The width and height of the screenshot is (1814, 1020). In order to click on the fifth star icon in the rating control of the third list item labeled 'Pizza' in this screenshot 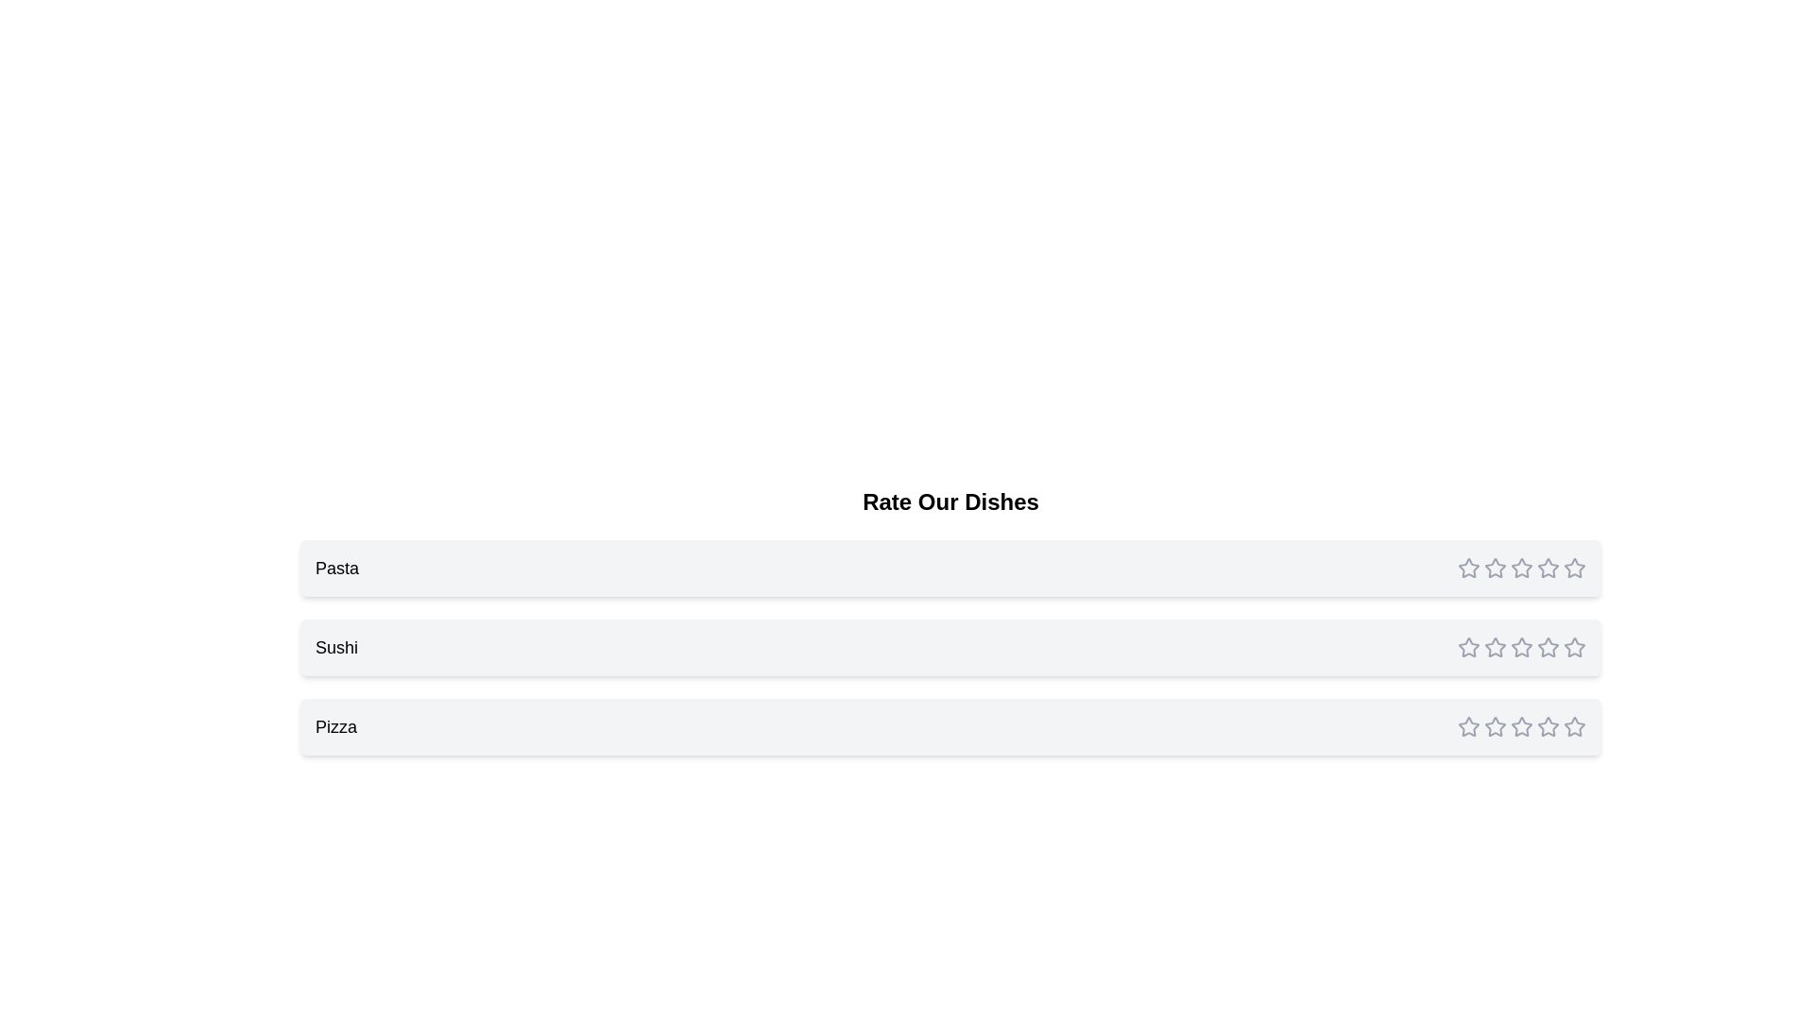, I will do `click(1574, 726)`.